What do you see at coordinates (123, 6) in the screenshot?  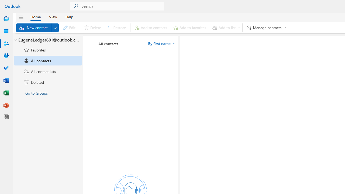 I see `'Search'` at bounding box center [123, 6].